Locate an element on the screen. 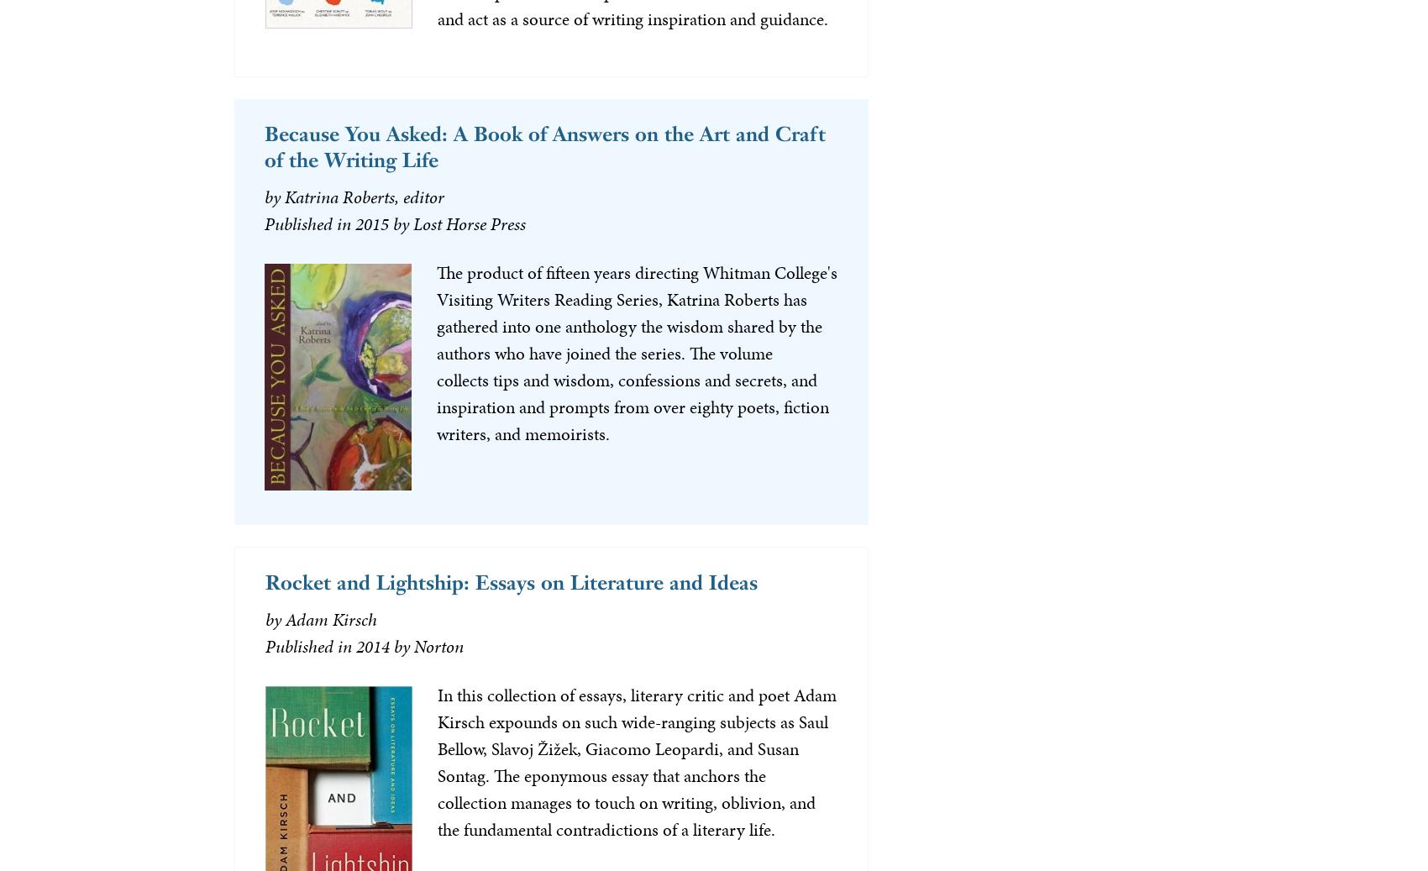  'The product of fifteen years directing Whitman College's Visiting Writers Reading Series, Katrina Roberts has gathered into one anthology the wisdom shared by the authors who have joined the series. The volume collects tips and wisdom, confessions and secrets, and inspiration and prompts from over eighty poets, fiction writers, and memoirists.' is located at coordinates (635, 351).